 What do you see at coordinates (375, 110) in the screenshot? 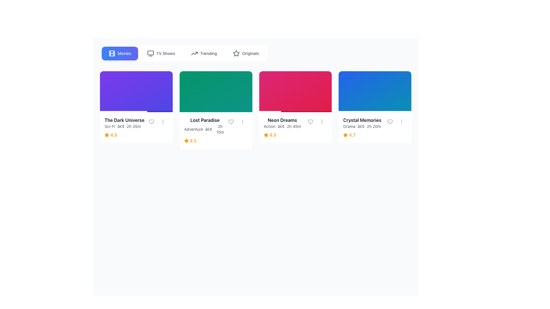
I see `the 'Crystal Memories' content card, which features the title in bold, genre as 'Drama', runtime '2h 20m', and a rating of '4.7' with a star icon` at bounding box center [375, 110].